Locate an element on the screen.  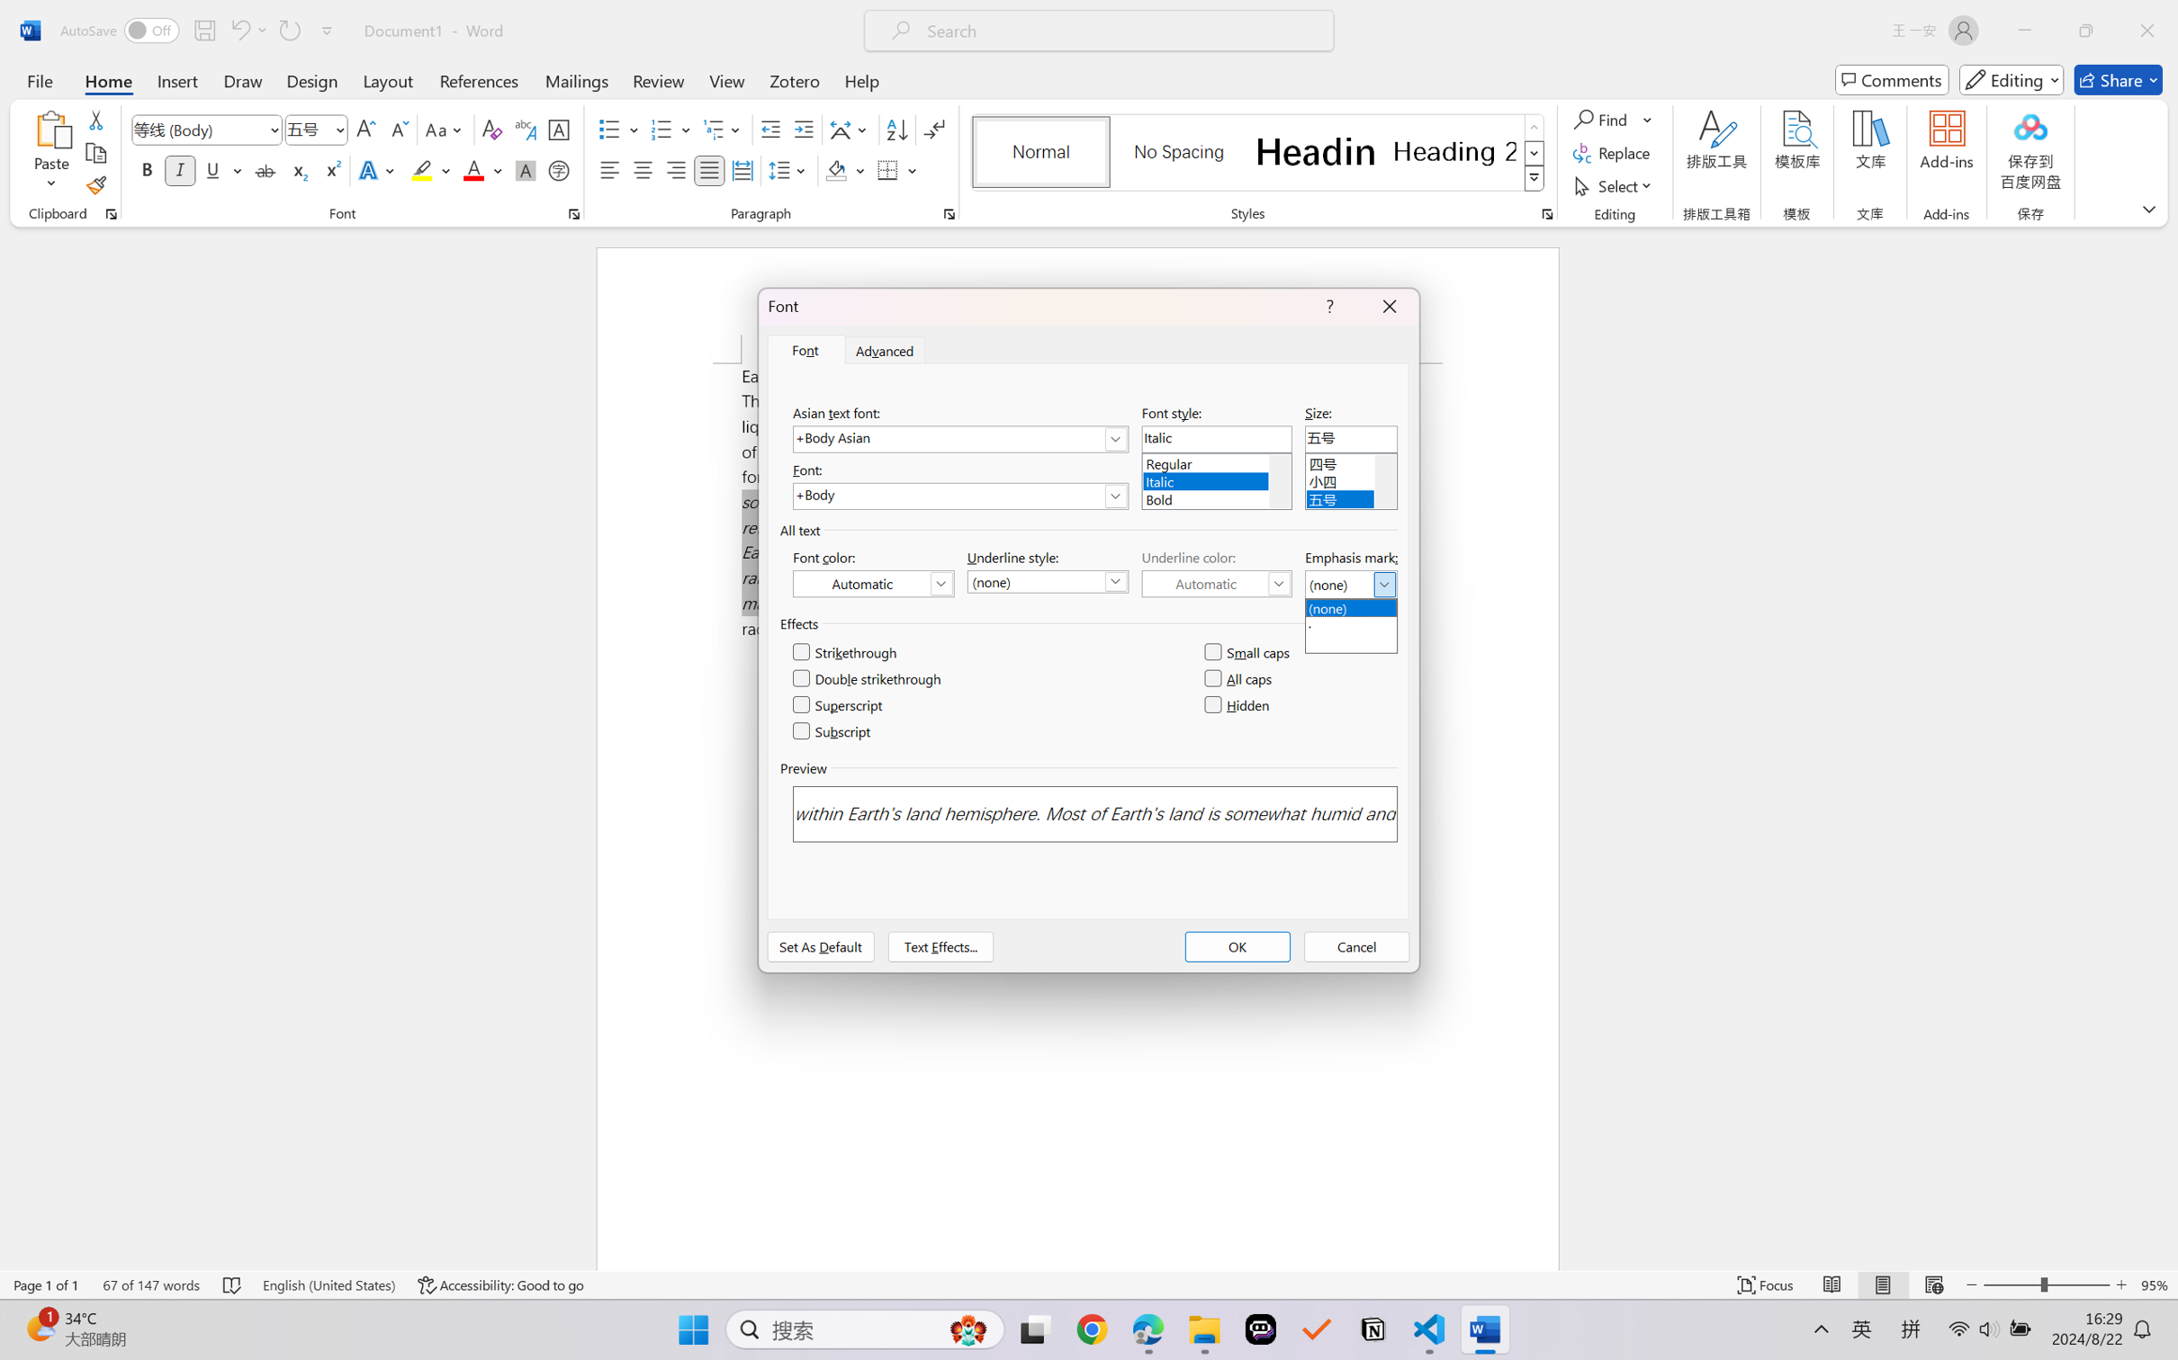
'Font style:' is located at coordinates (1215, 439).